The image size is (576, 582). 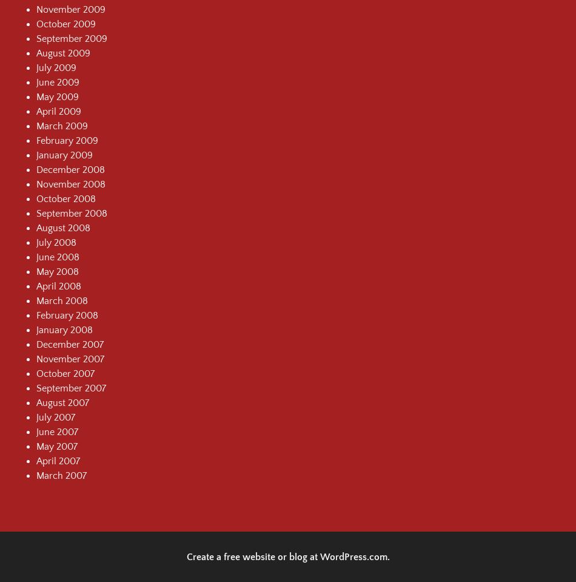 I want to click on 'April 2008', so click(x=36, y=285).